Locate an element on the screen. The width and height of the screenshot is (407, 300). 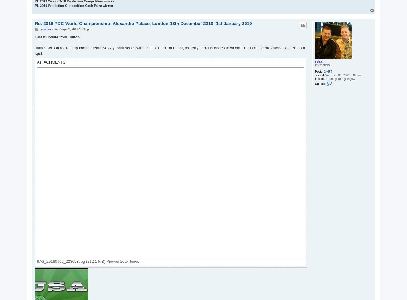
'Location:' is located at coordinates (315, 78).